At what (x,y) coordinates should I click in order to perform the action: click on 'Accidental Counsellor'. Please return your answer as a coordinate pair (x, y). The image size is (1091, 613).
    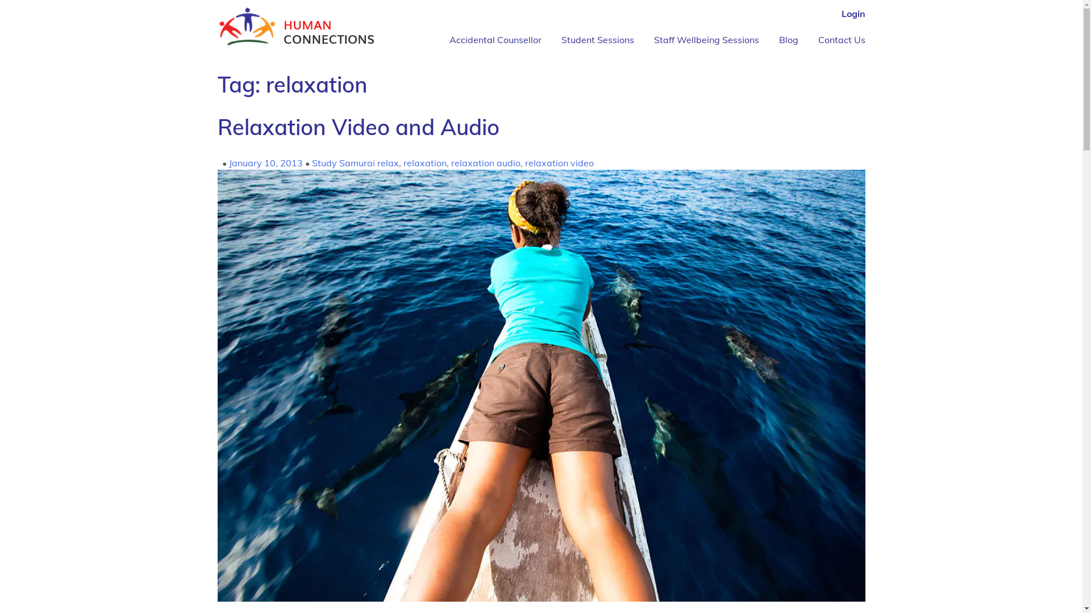
    Looking at the image, I should click on (494, 39).